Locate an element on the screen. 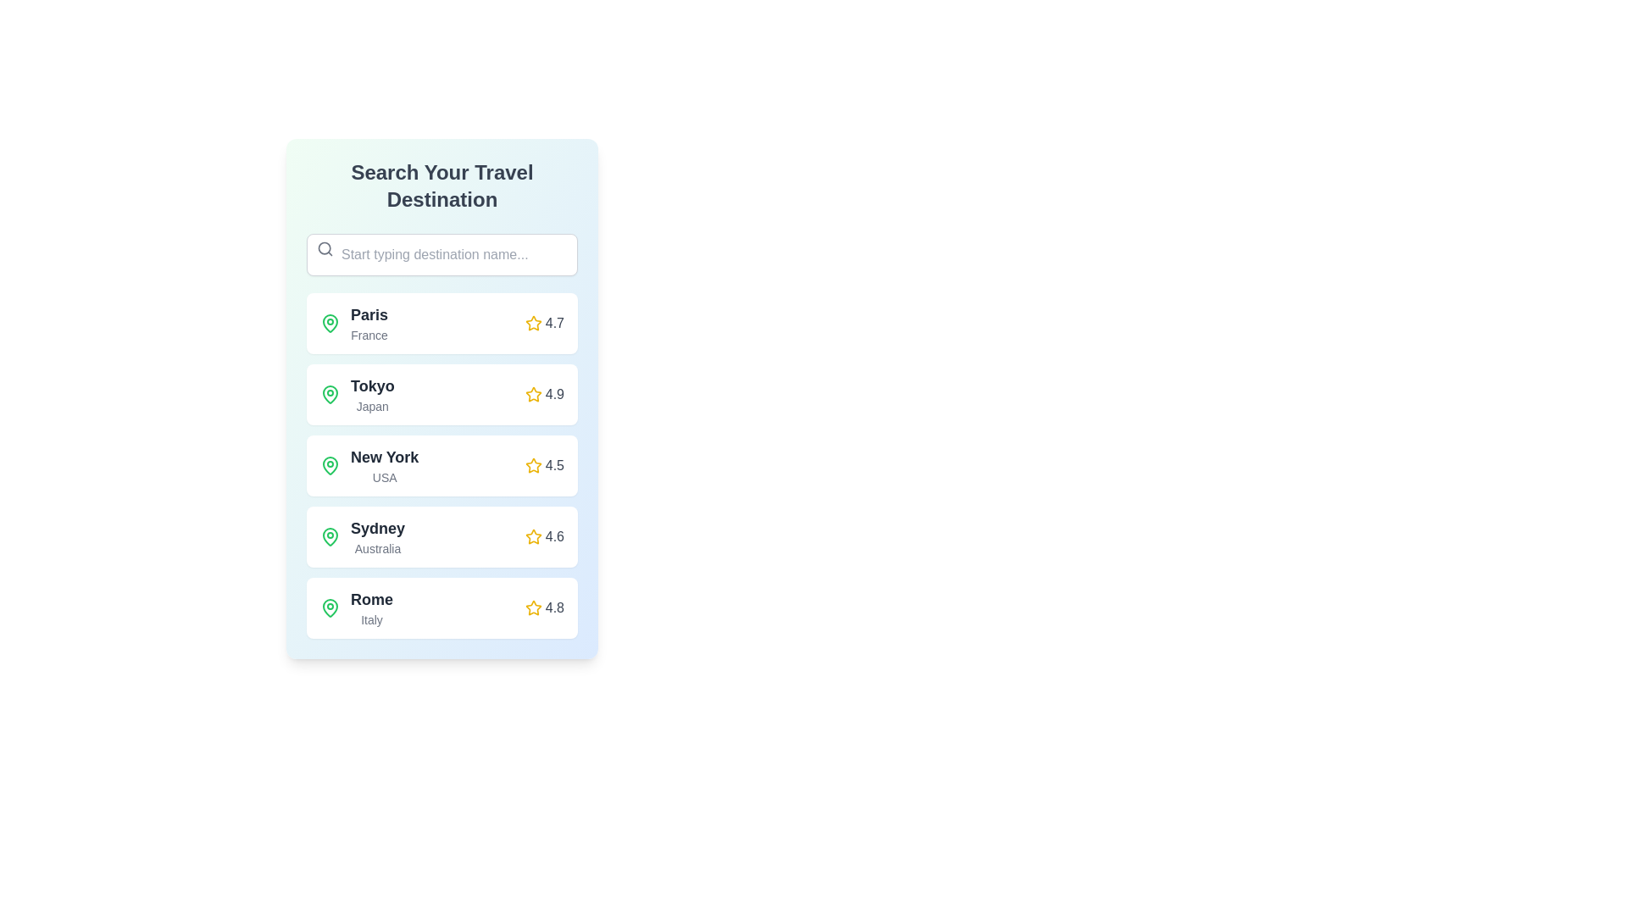 This screenshot has width=1627, height=915. the text block displaying 'Tokyo' in bold, large font, which is the second item in the vertical list of destinations is located at coordinates (371, 395).